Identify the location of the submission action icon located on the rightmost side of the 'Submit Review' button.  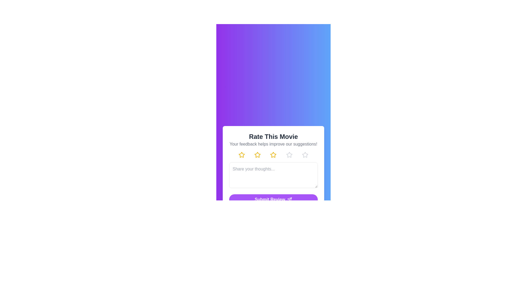
(289, 199).